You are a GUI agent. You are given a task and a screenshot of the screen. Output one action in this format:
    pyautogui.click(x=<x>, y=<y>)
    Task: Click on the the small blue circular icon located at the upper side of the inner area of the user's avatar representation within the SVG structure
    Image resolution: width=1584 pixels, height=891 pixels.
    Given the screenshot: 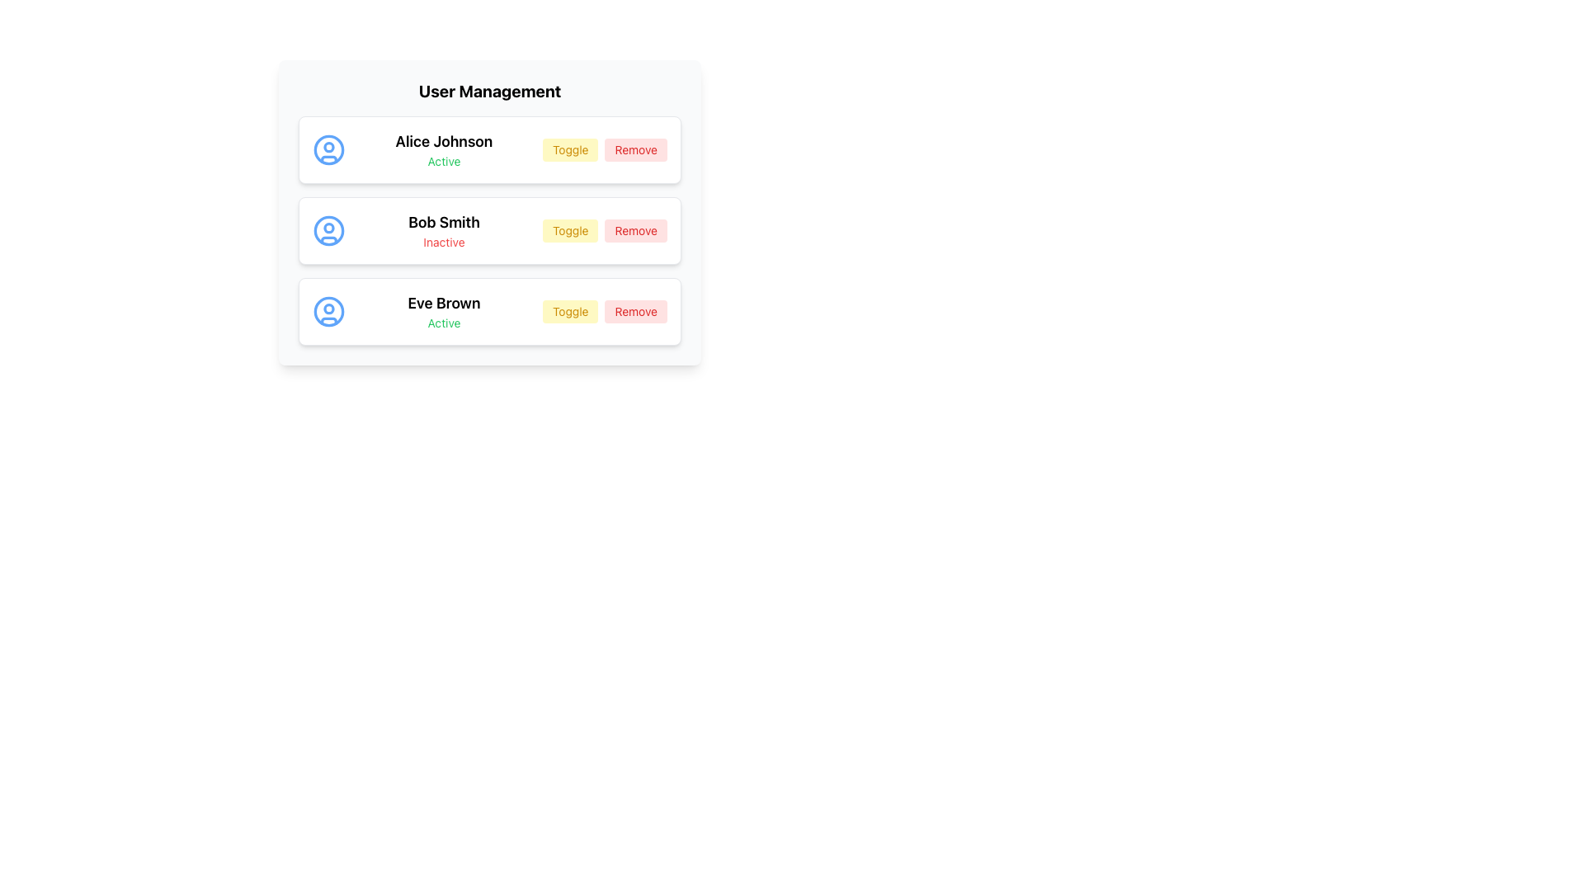 What is the action you would take?
    pyautogui.click(x=328, y=309)
    